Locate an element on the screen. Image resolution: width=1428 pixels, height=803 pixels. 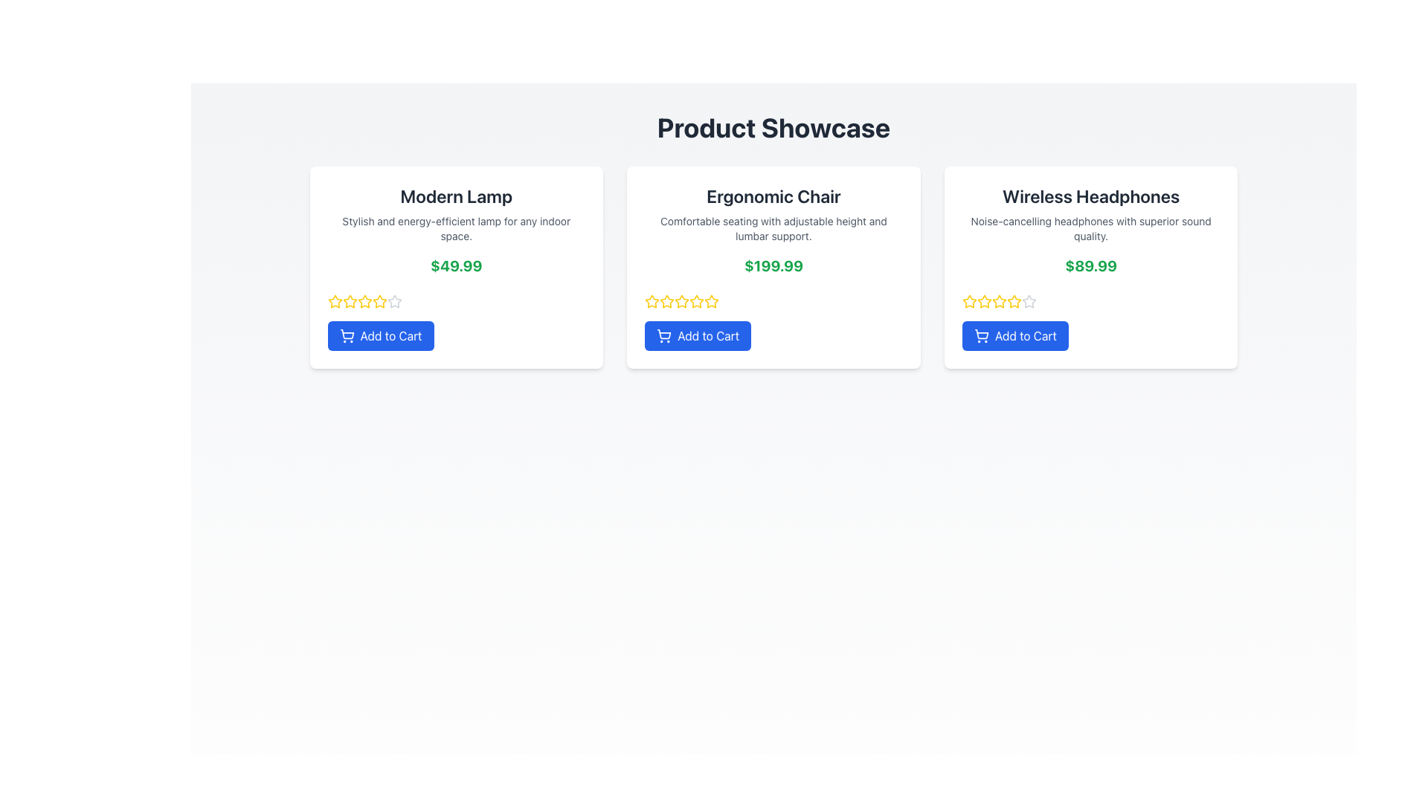
the pricing information text label for the 'Ergonomic Chair' product, which is centrally positioned below the product description and above the star rating is located at coordinates (773, 265).